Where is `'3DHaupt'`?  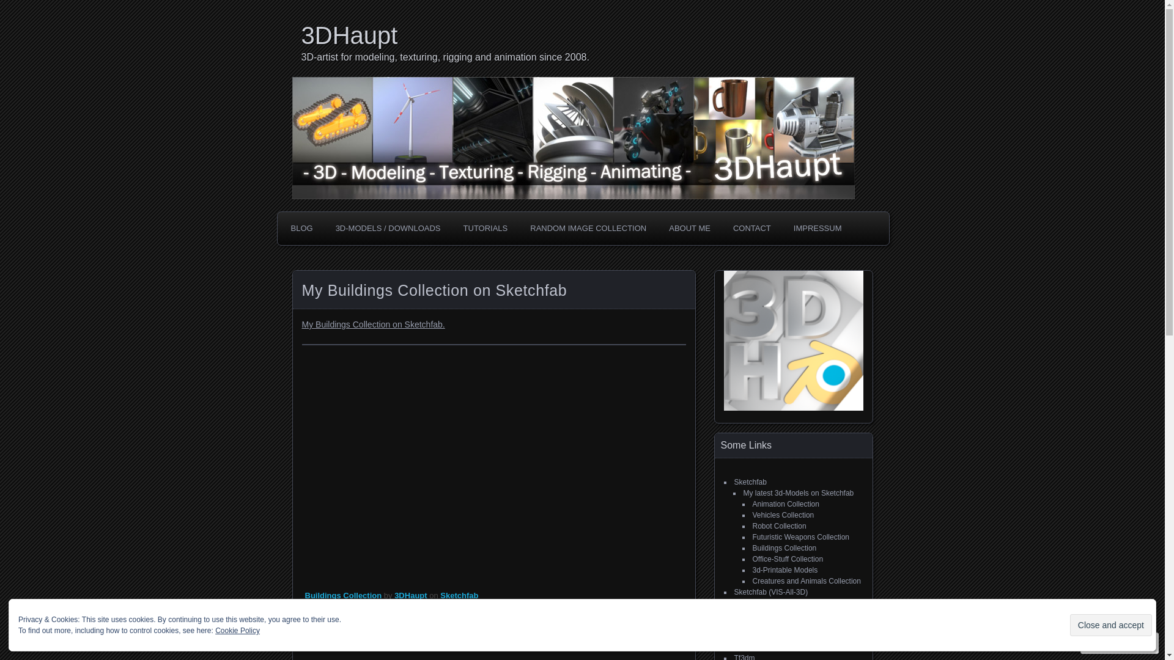
'3DHaupt' is located at coordinates (586, 35).